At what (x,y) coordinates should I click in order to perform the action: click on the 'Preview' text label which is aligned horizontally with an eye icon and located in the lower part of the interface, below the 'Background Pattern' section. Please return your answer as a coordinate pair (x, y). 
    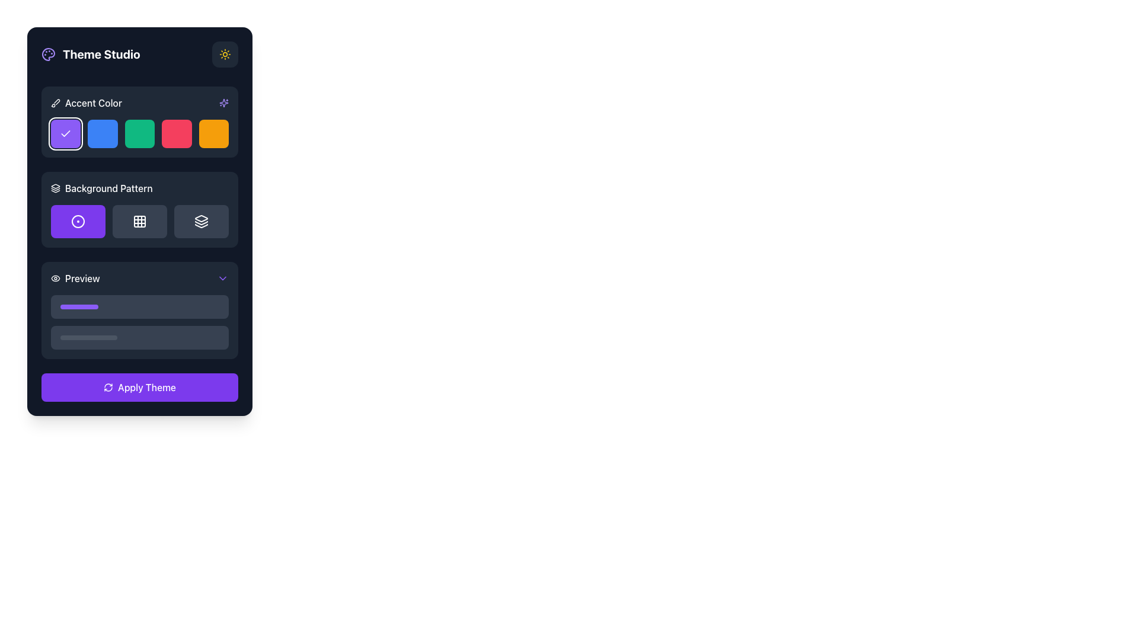
    Looking at the image, I should click on (82, 279).